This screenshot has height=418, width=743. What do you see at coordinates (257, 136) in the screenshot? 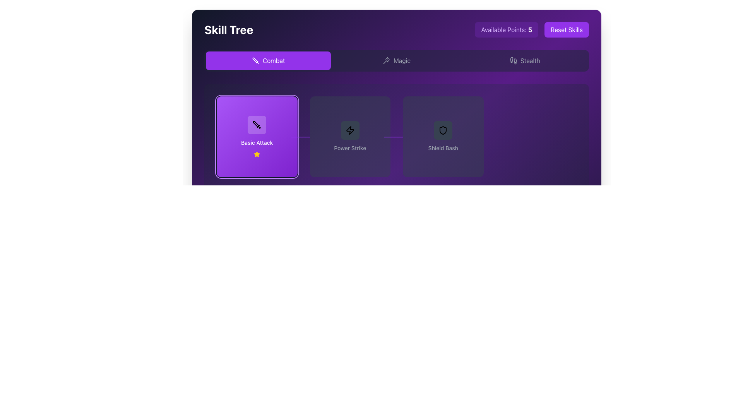
I see `the 'Basic Attack' interactive card, which is the leftmost option` at bounding box center [257, 136].